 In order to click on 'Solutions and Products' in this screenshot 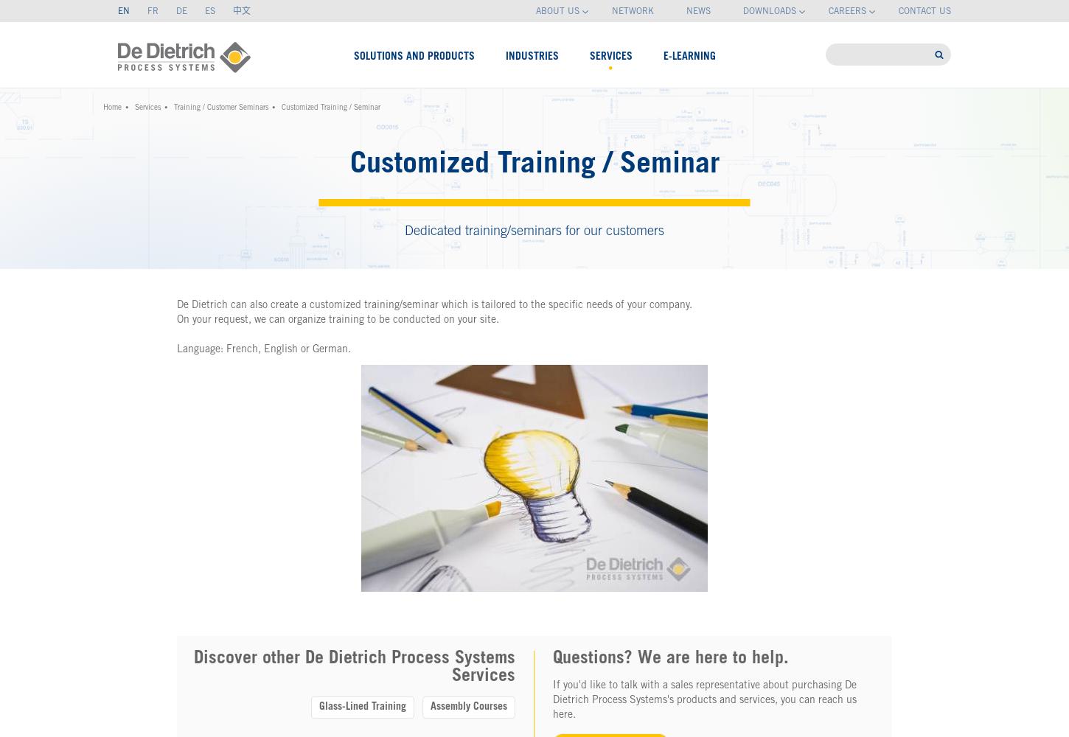, I will do `click(414, 56)`.